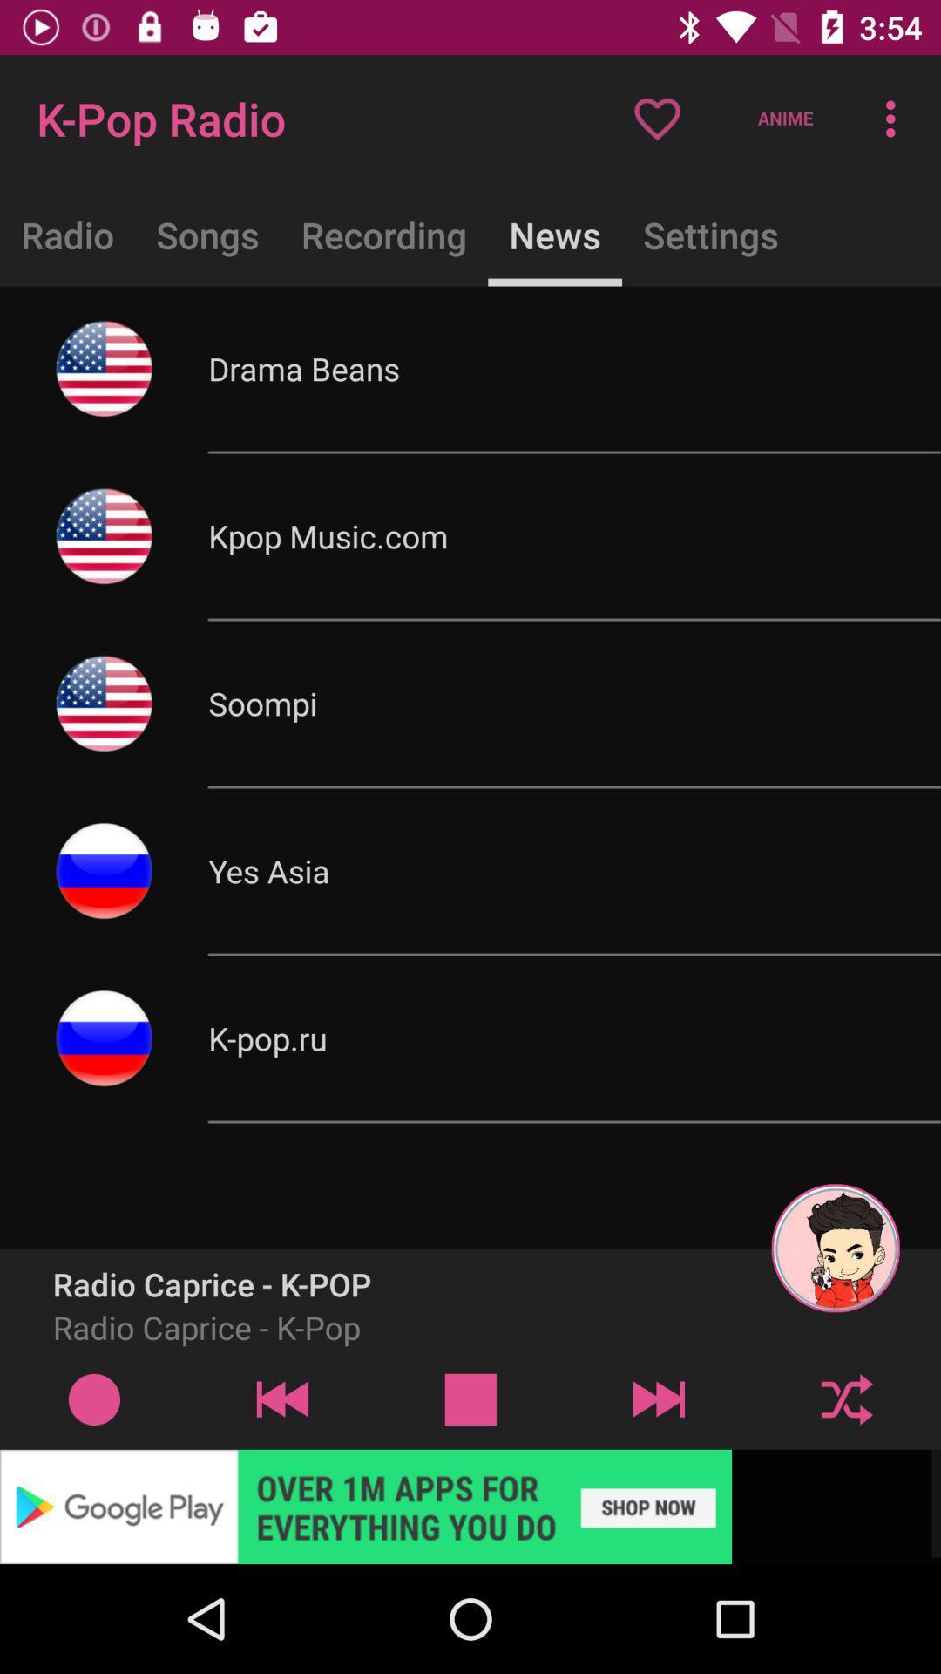  Describe the element at coordinates (659, 1398) in the screenshot. I see `next song` at that location.